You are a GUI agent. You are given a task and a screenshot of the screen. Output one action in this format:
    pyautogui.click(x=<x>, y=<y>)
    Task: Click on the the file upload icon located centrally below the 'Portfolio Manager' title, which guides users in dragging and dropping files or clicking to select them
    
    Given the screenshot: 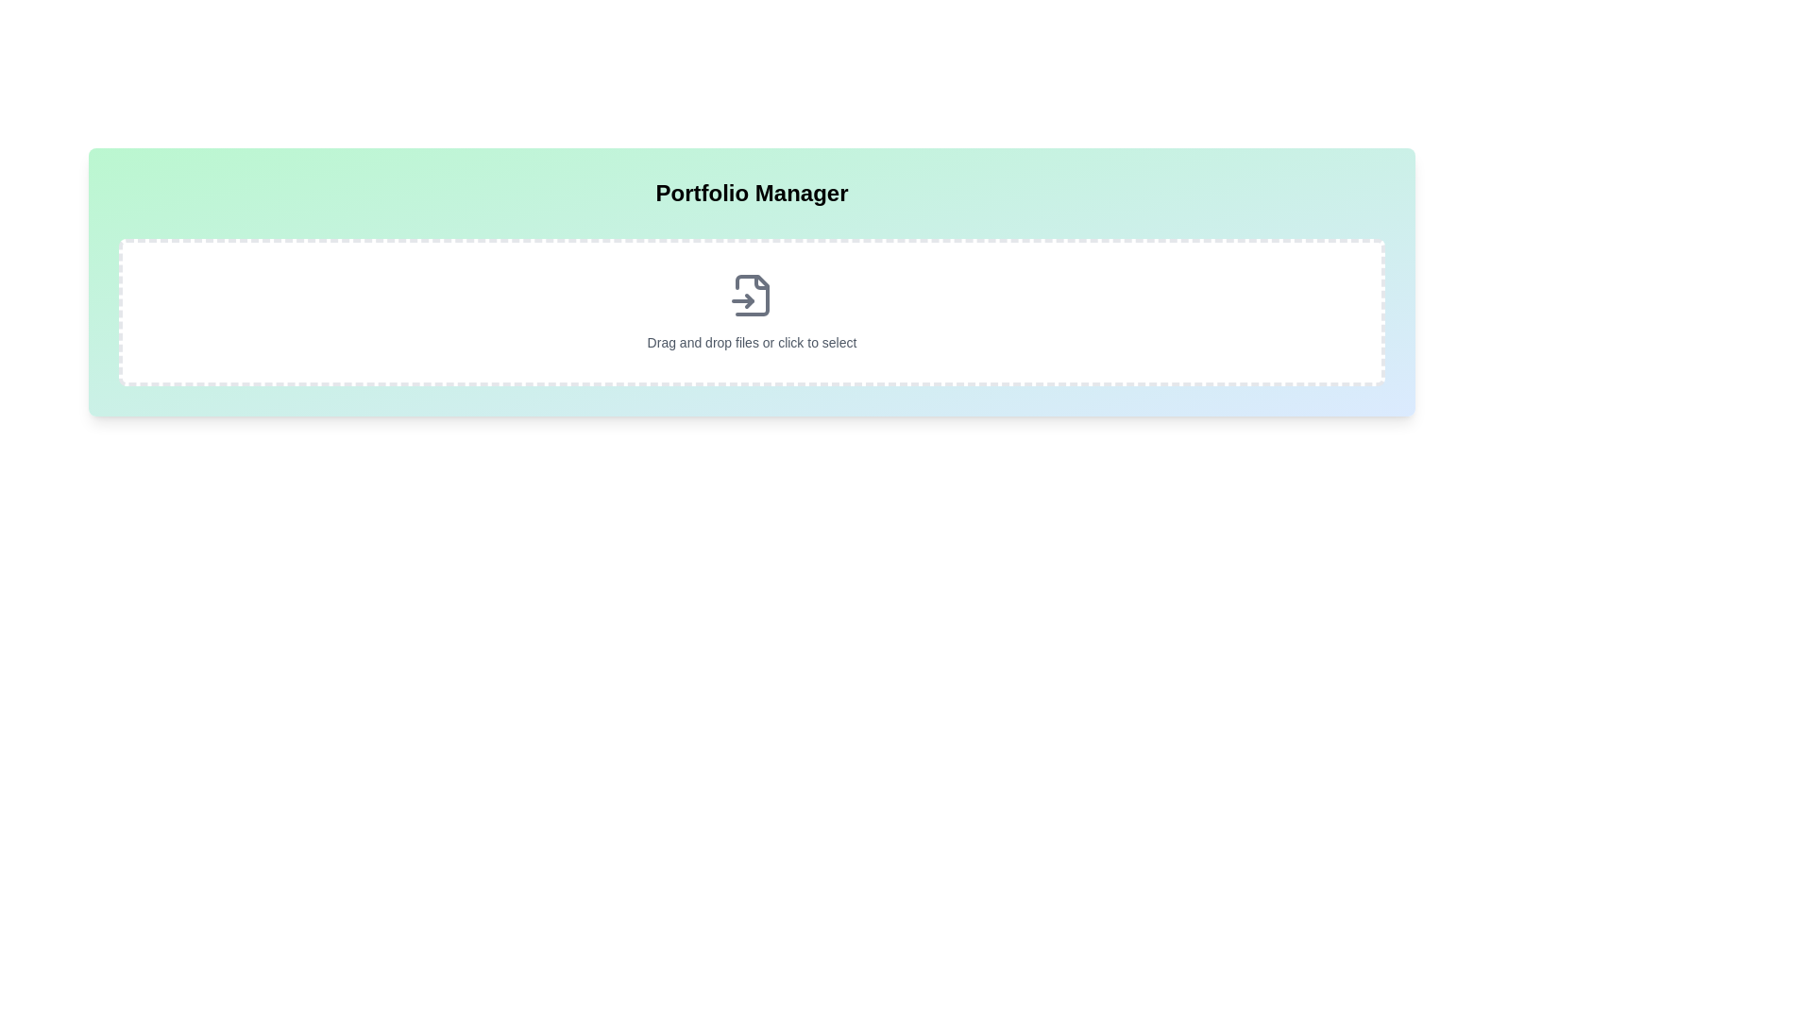 What is the action you would take?
    pyautogui.click(x=751, y=295)
    